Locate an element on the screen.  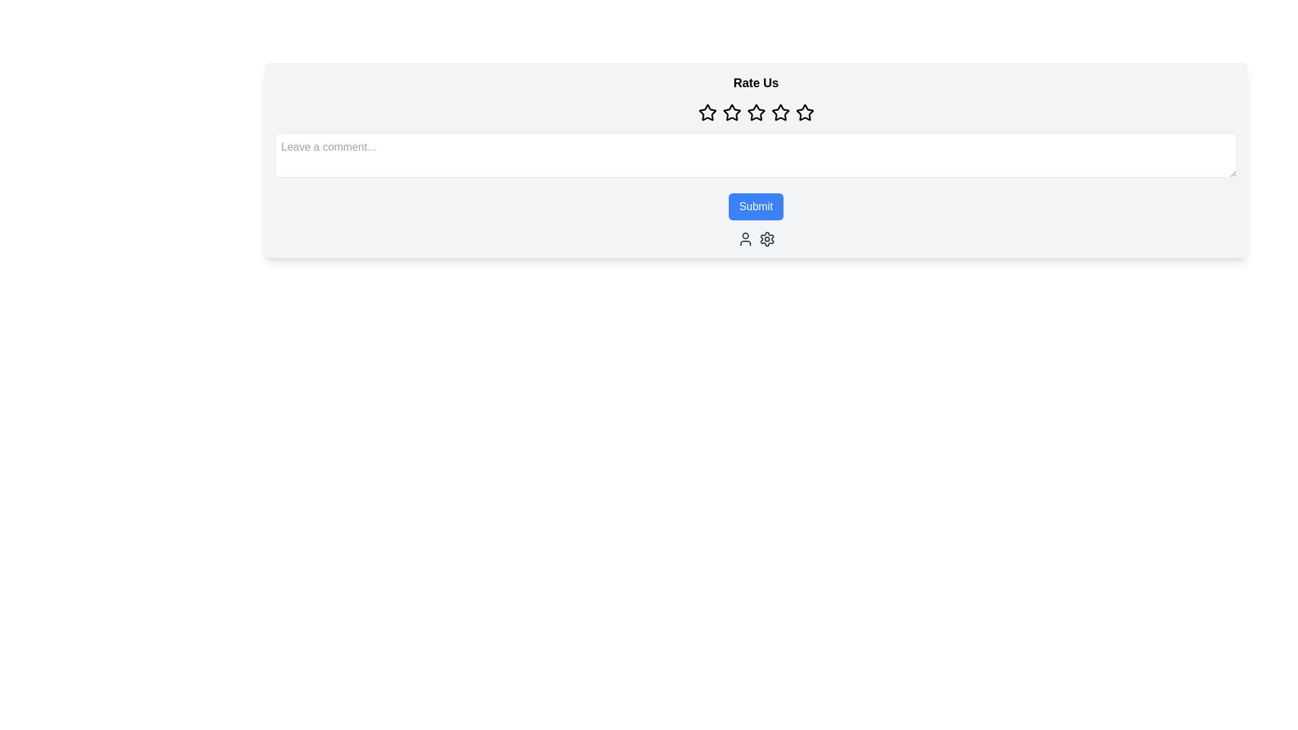
one of the star icons in the Rating component, which is a horizontal group of five outlined star icons located beneath the title 'Rate Us' and above the text input field is located at coordinates (755, 112).